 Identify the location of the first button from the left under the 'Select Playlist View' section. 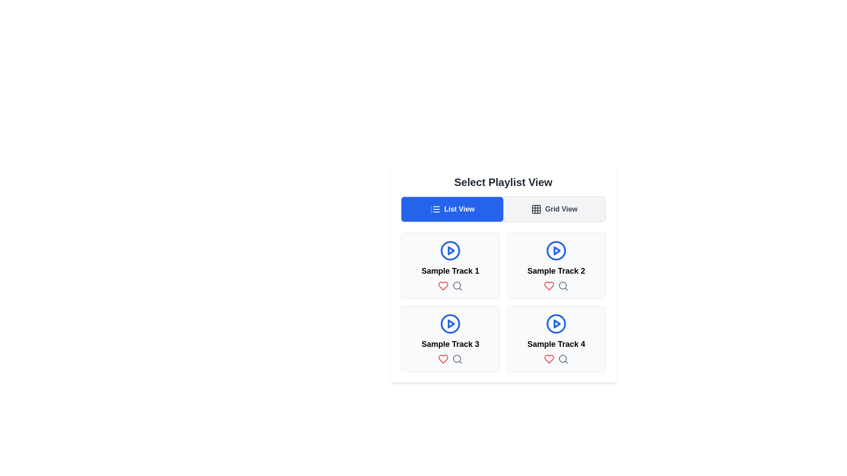
(452, 209).